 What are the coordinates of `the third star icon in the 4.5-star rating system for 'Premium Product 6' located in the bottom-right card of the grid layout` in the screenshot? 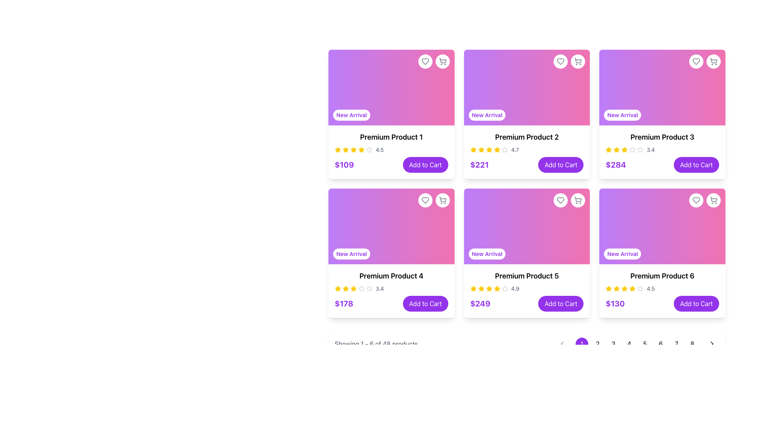 It's located at (616, 289).